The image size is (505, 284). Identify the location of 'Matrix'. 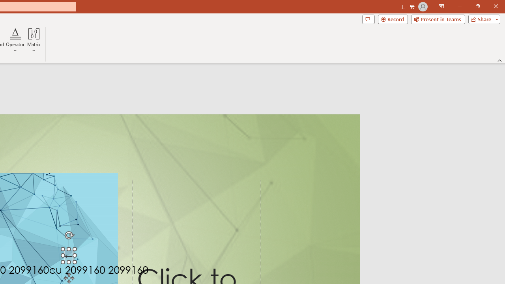
(34, 41).